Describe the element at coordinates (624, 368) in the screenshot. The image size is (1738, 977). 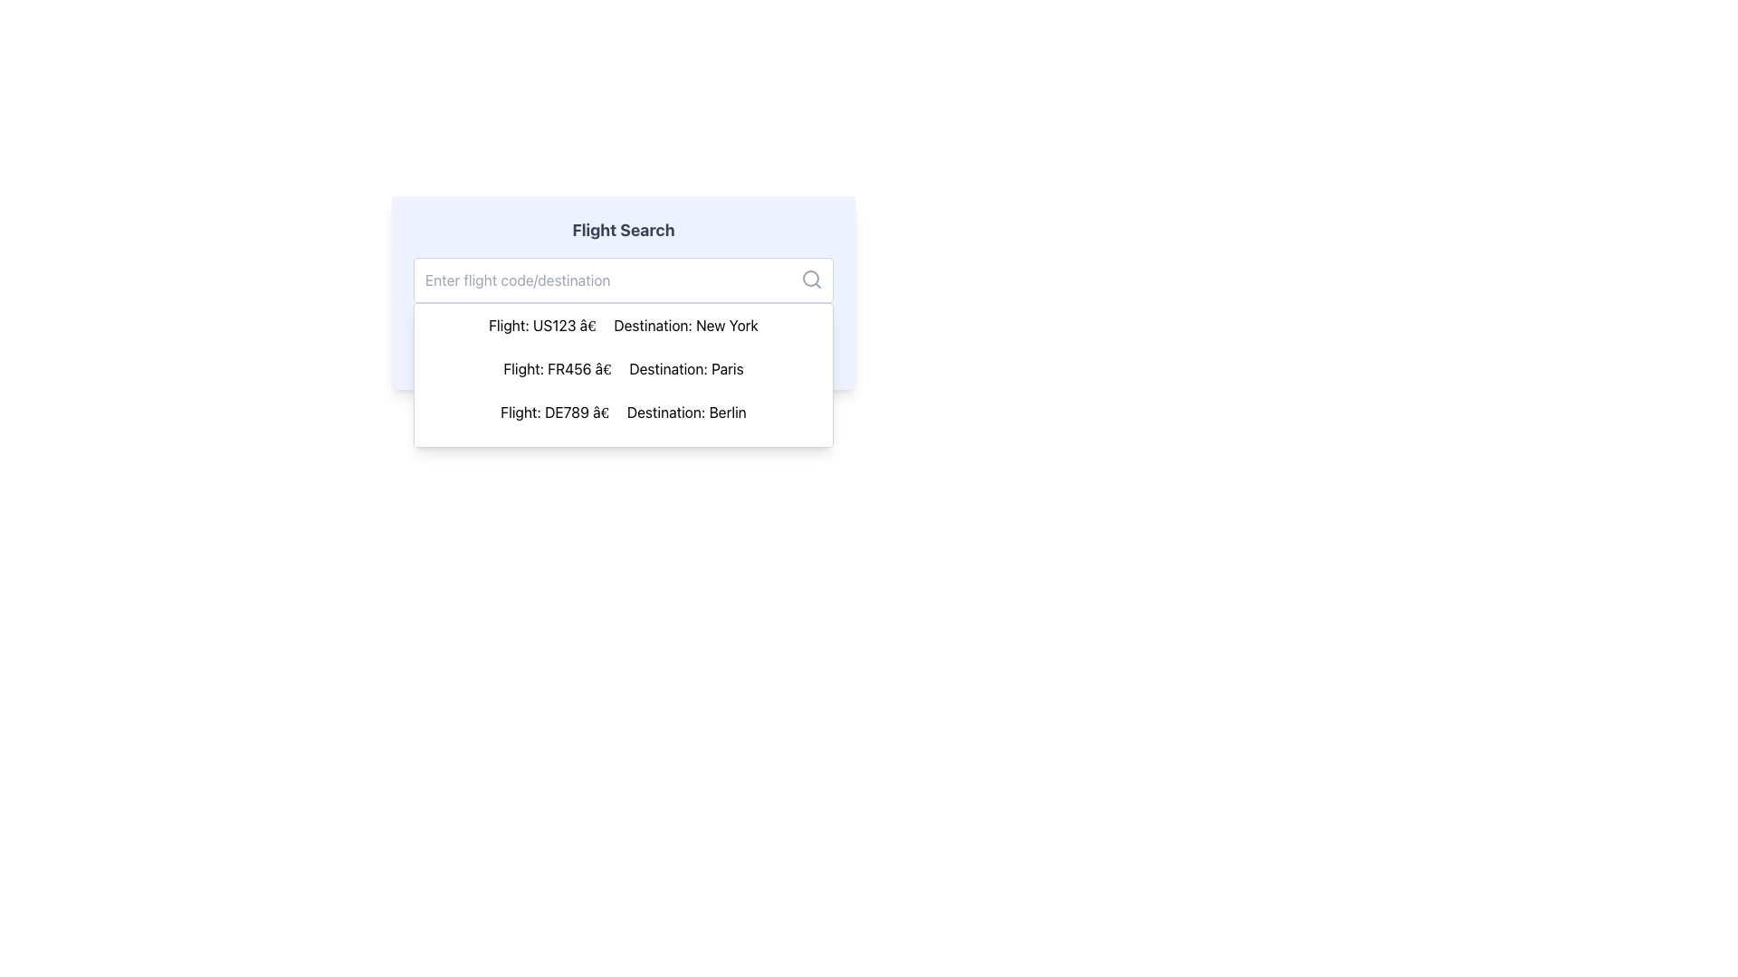
I see `to select the second list item displaying flight information 'Flight: FR456 – Destination: Paris' in the dropdown list` at that location.